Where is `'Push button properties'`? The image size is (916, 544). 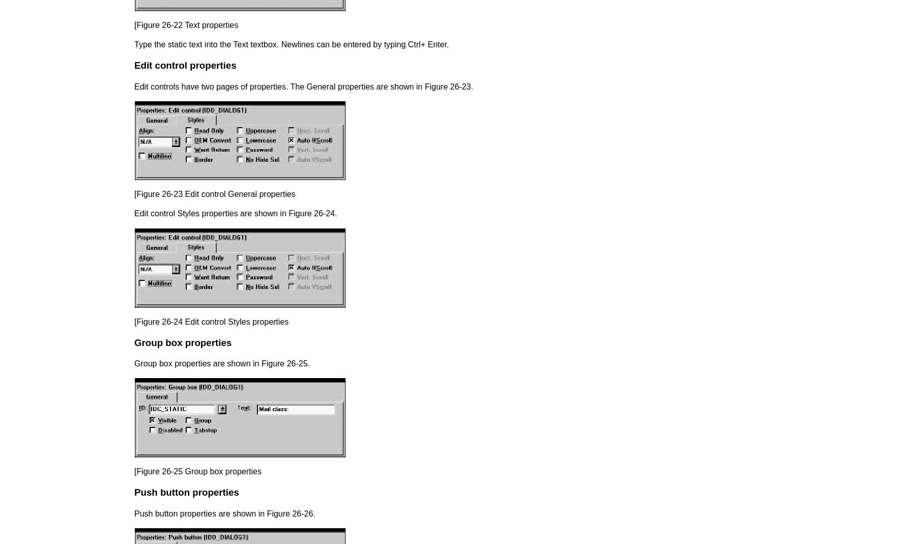 'Push button properties' is located at coordinates (186, 492).